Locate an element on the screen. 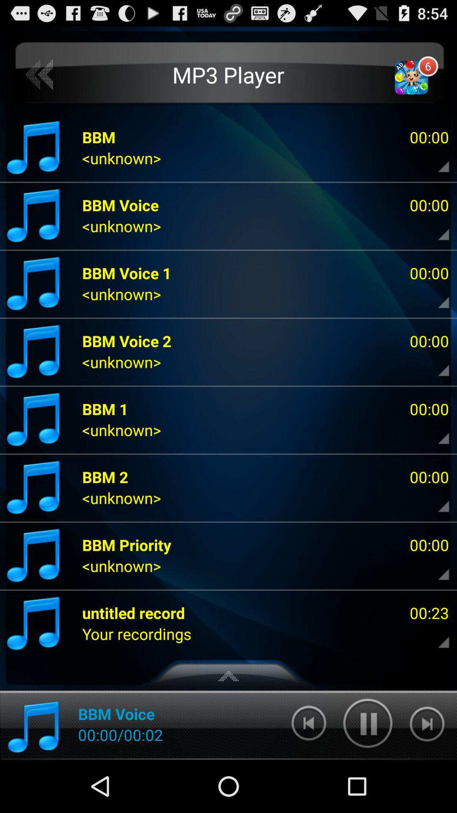 This screenshot has height=813, width=457. the bbm priority is located at coordinates (127, 545).